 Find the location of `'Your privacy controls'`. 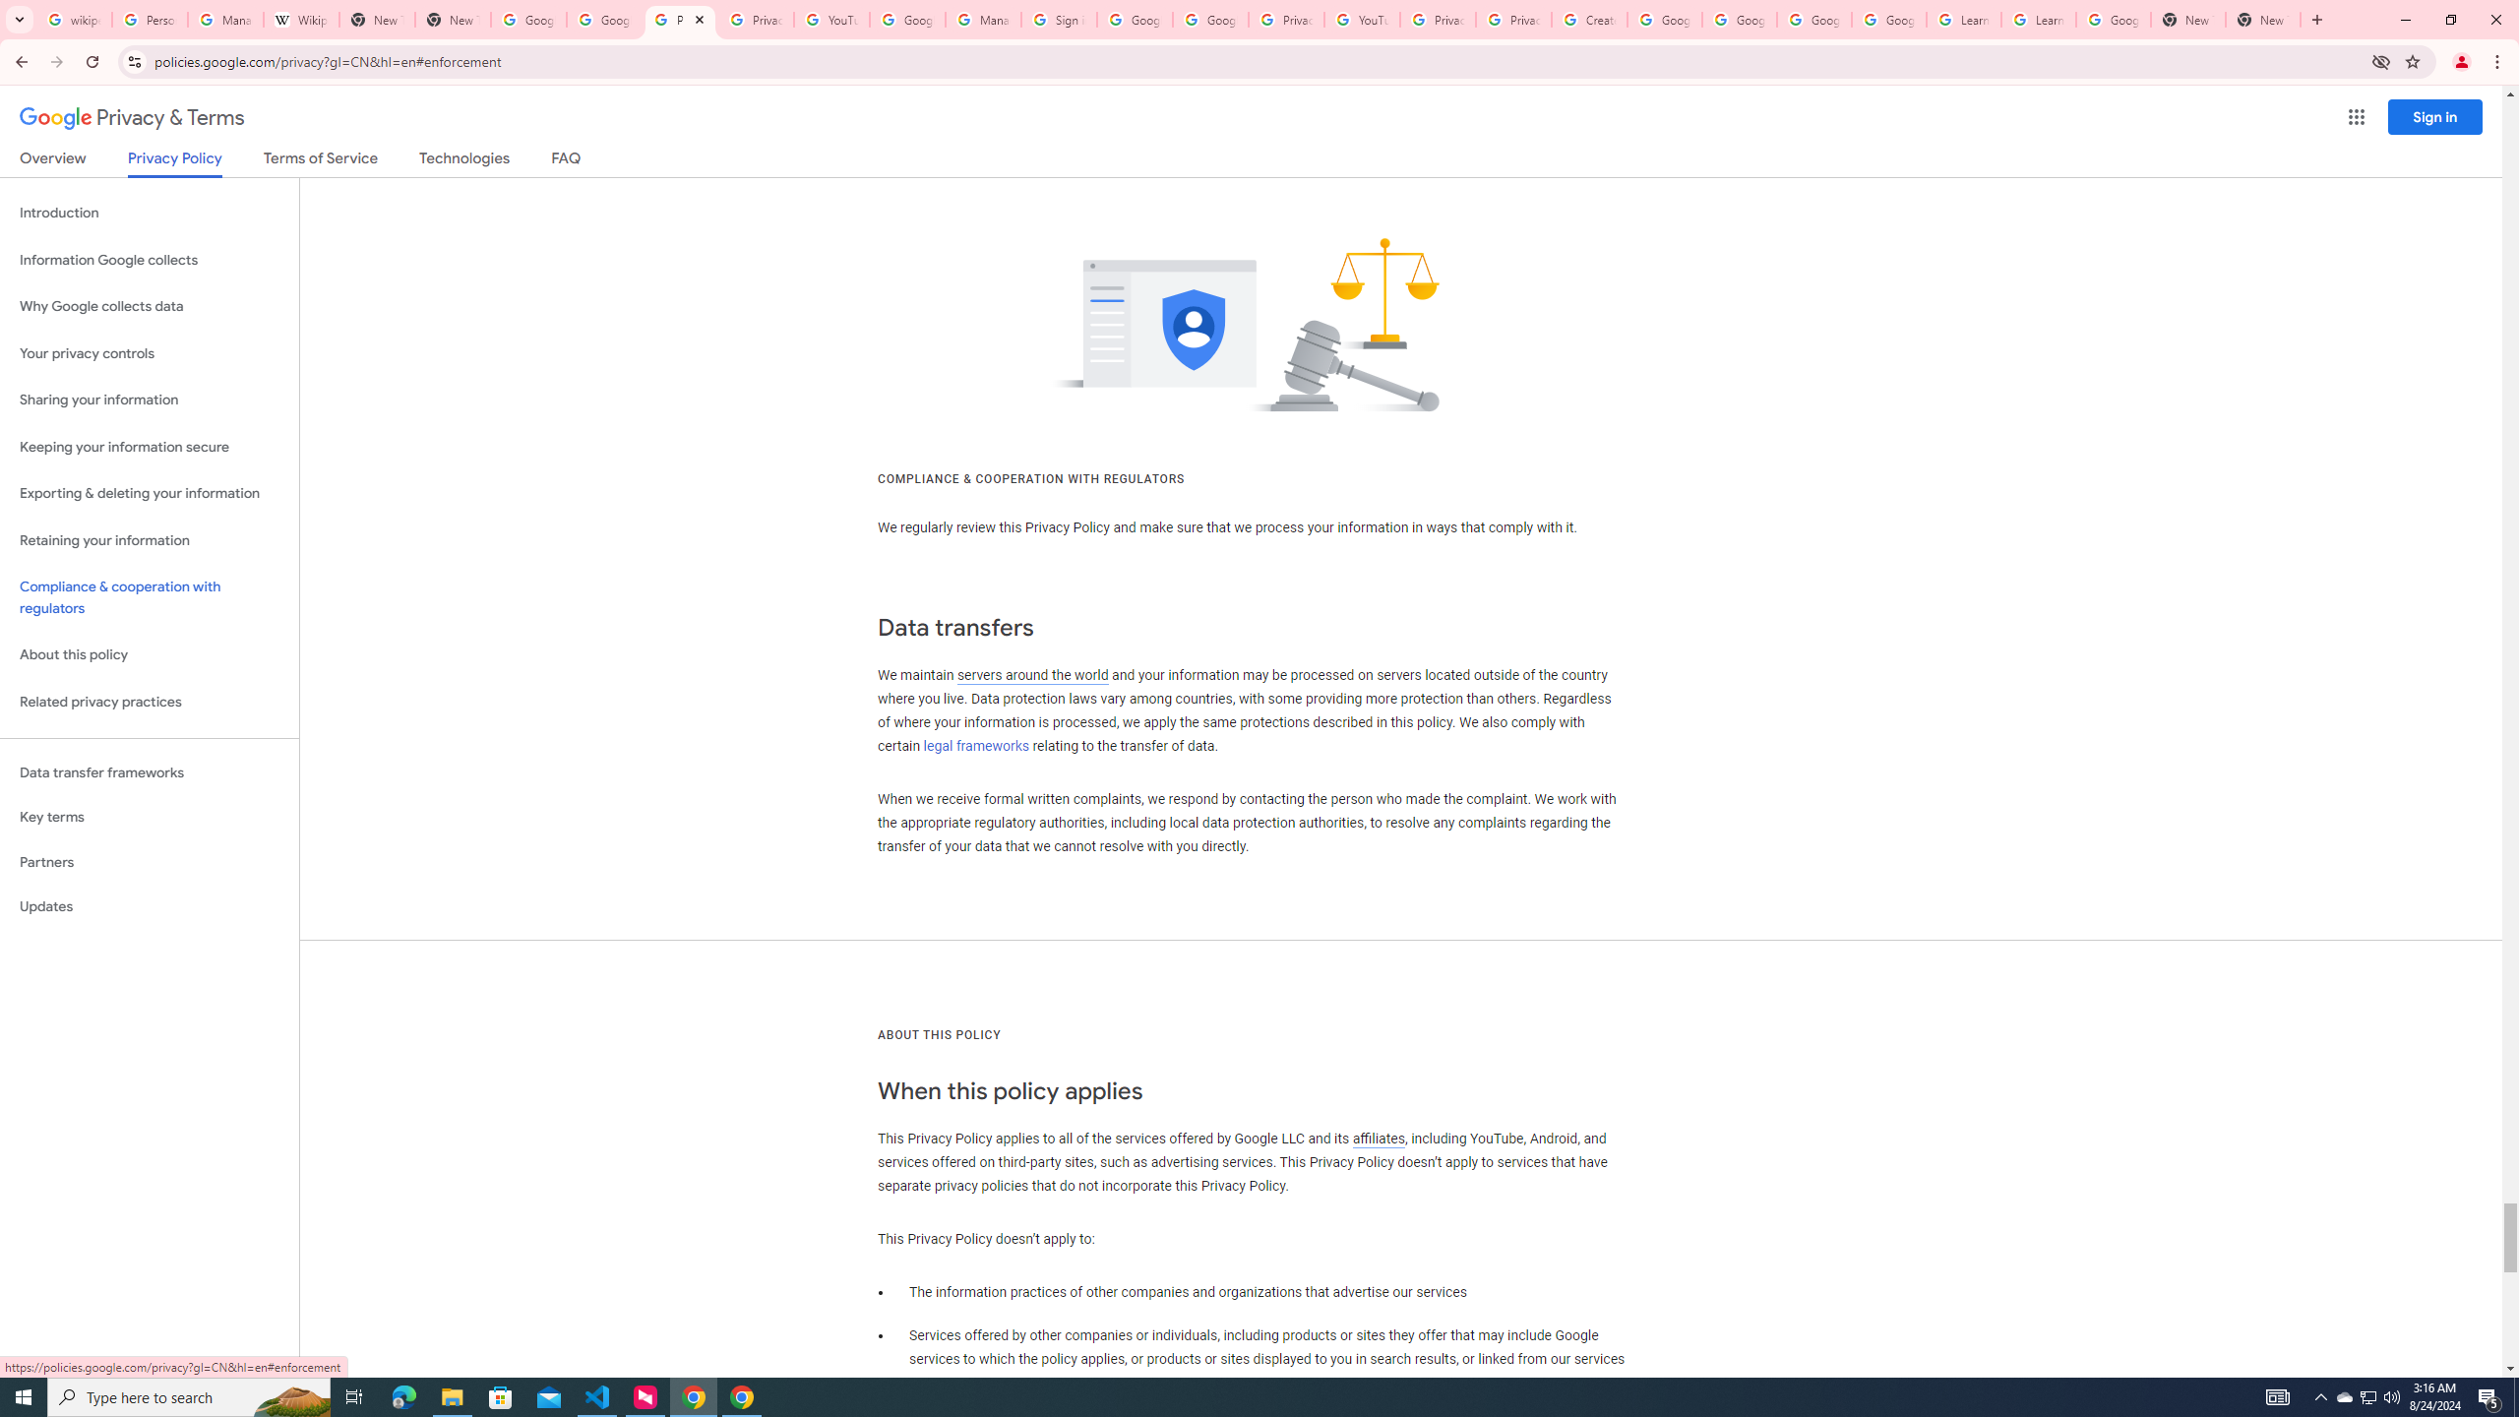

'Your privacy controls' is located at coordinates (149, 354).